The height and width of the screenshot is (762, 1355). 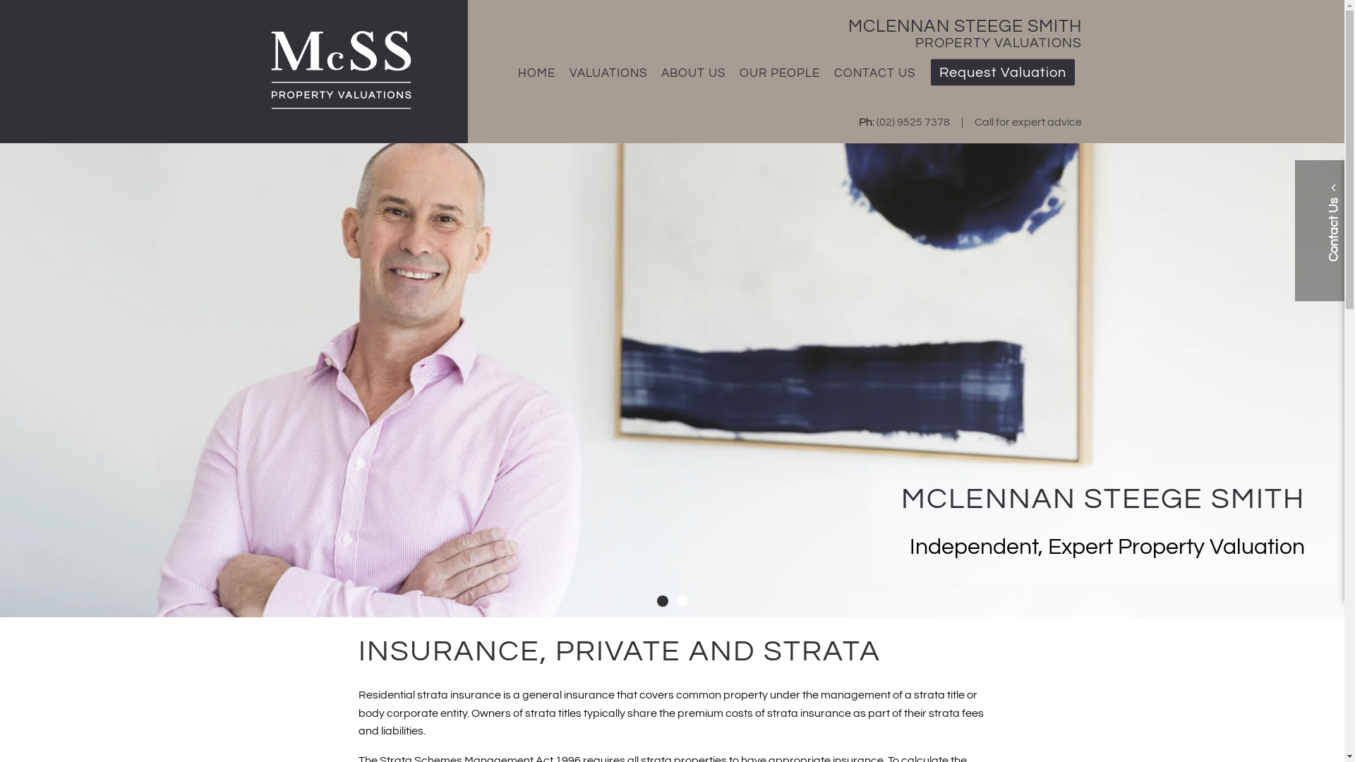 I want to click on 'OUR PEOPLE', so click(x=779, y=73).